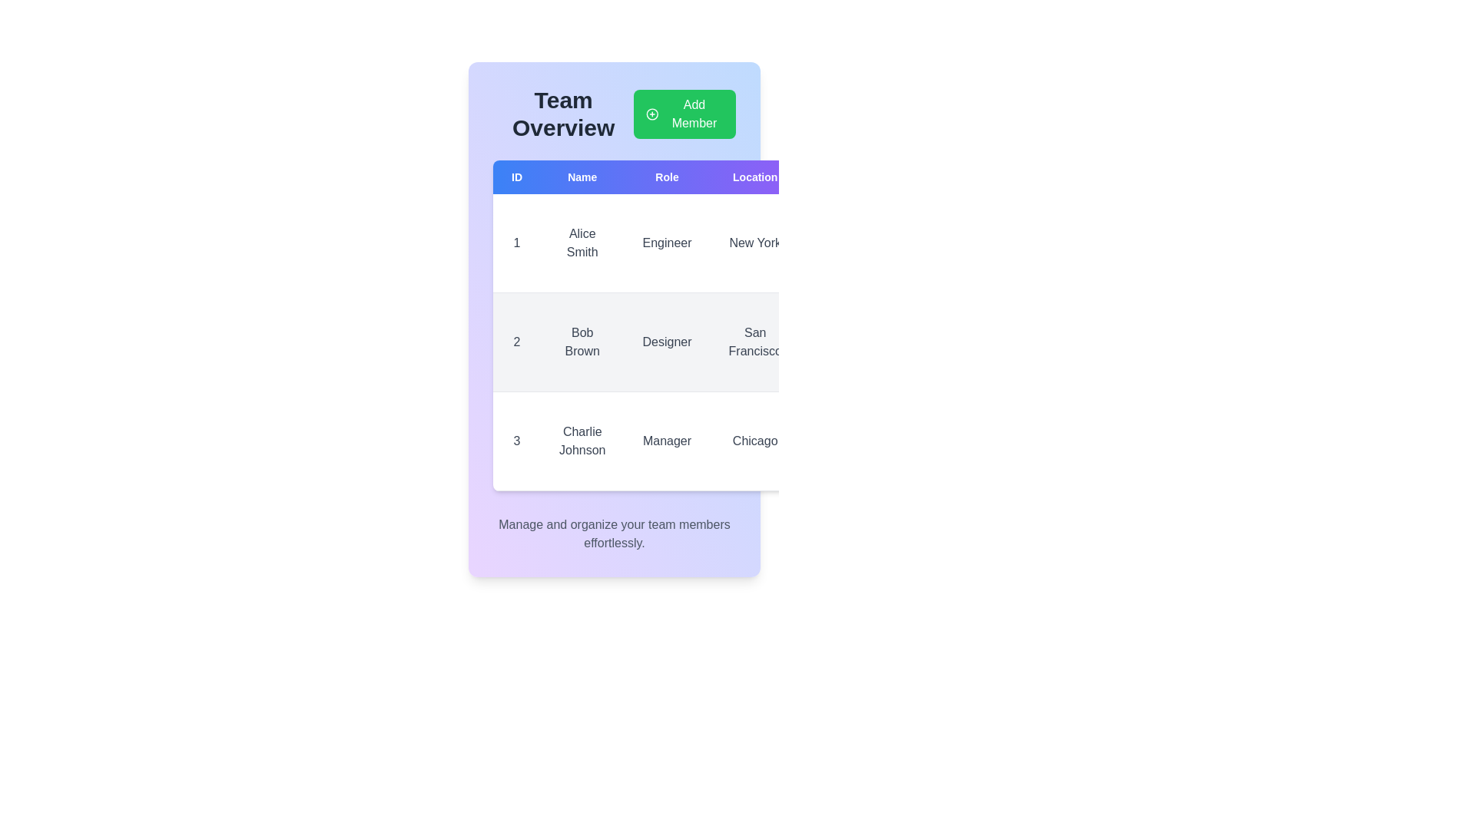 This screenshot has width=1475, height=829. Describe the element at coordinates (582, 243) in the screenshot. I see `displayed text of the Text Label that shows the name of the individual in the first visible row of the table, positioned between the ID column and the Role detailing column` at that location.